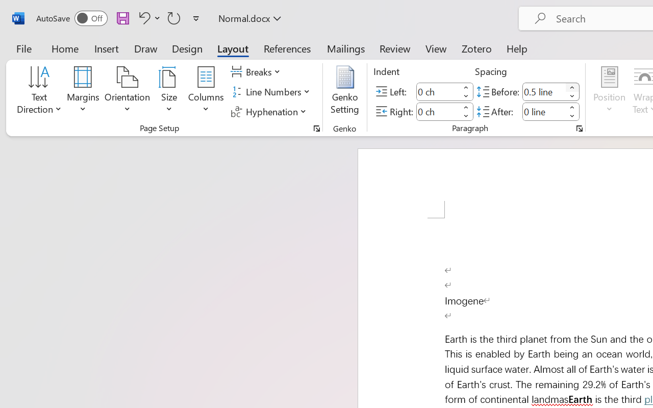  I want to click on 'Page Setup...', so click(316, 128).